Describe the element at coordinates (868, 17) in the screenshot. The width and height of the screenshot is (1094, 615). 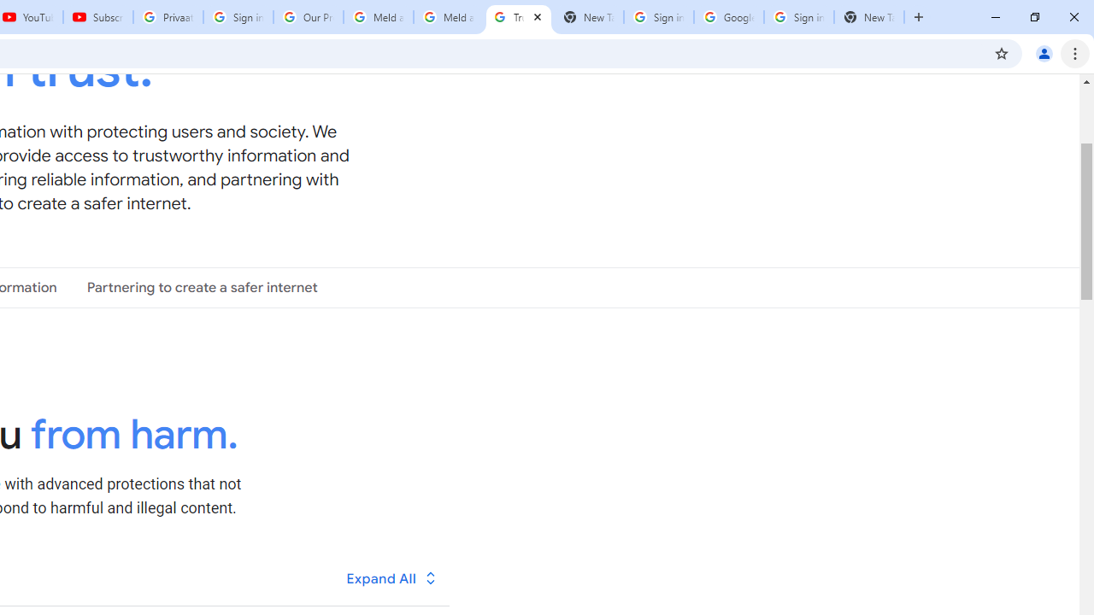
I see `'New Tab'` at that location.